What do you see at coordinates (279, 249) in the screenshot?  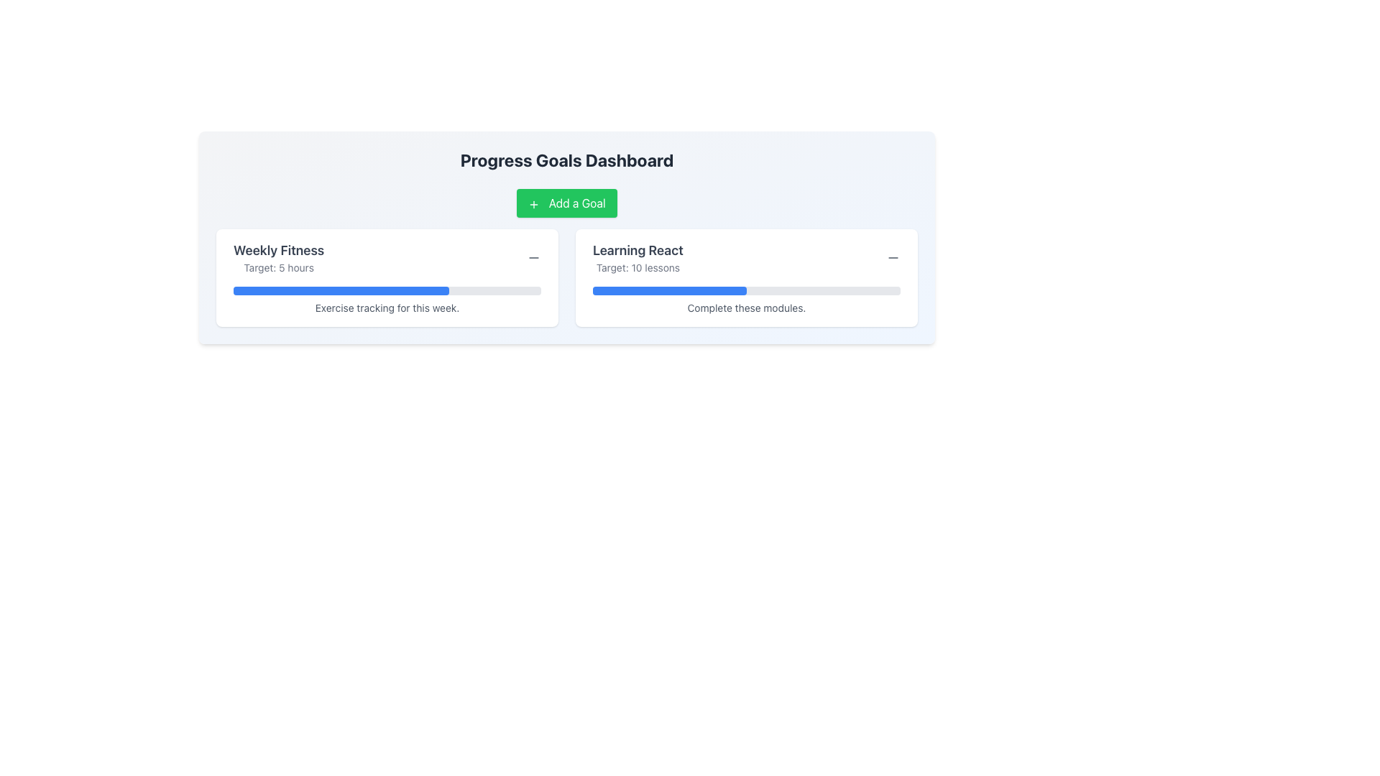 I see `text header that serves as the title for the left progress goal card in the 'Progress Goals Dashboard' interface, located above the subtitle 'Target: 5 hours'` at bounding box center [279, 249].